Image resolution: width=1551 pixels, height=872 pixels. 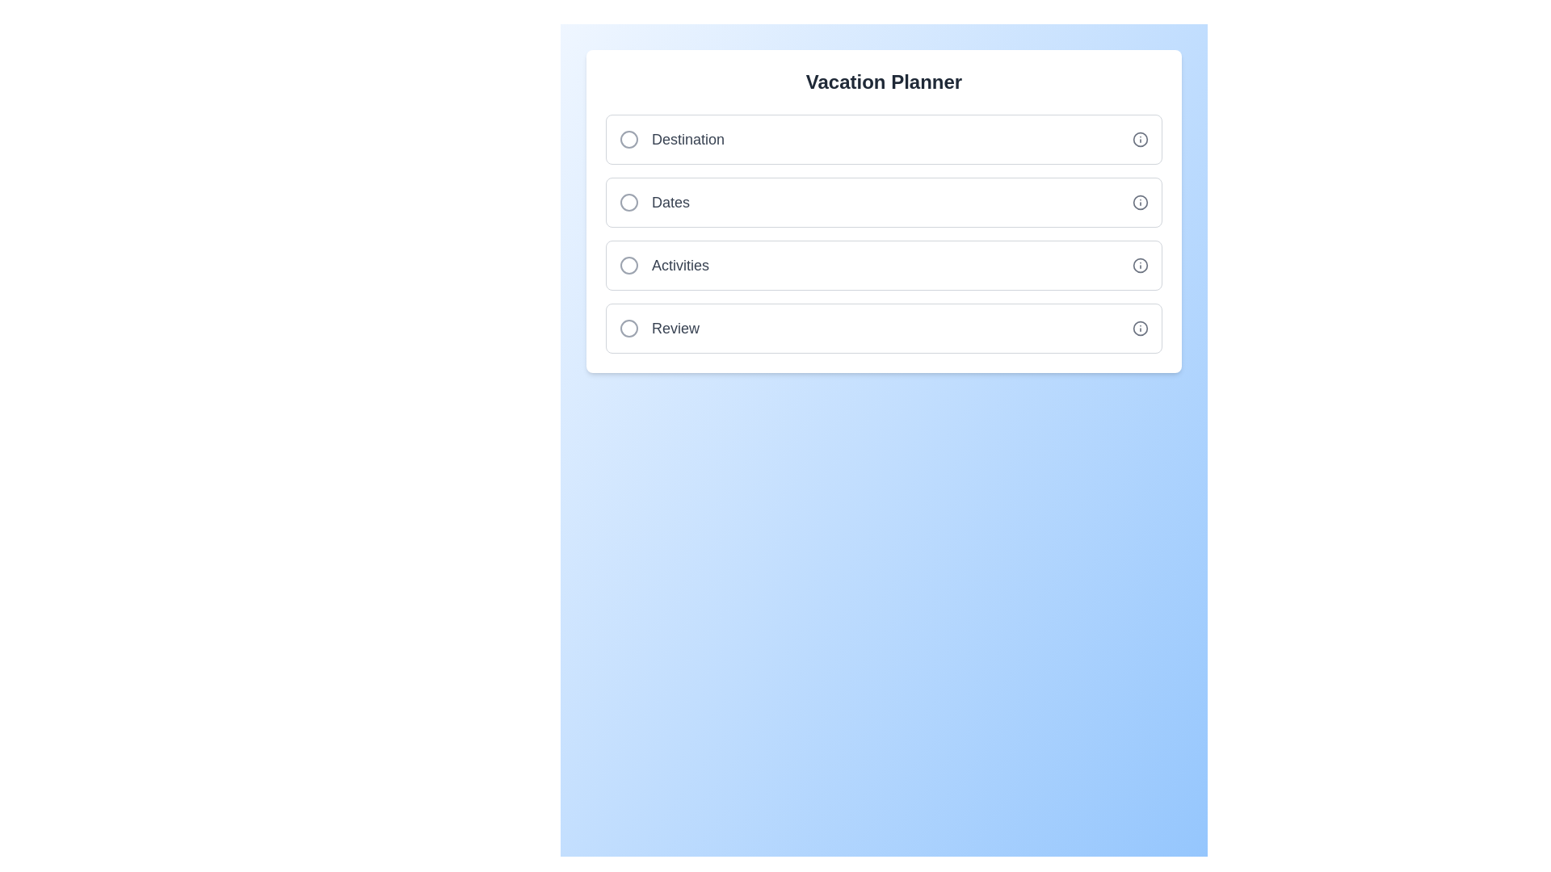 I want to click on the 'Info' icon of the Dates step to view additional information, so click(x=1139, y=201).